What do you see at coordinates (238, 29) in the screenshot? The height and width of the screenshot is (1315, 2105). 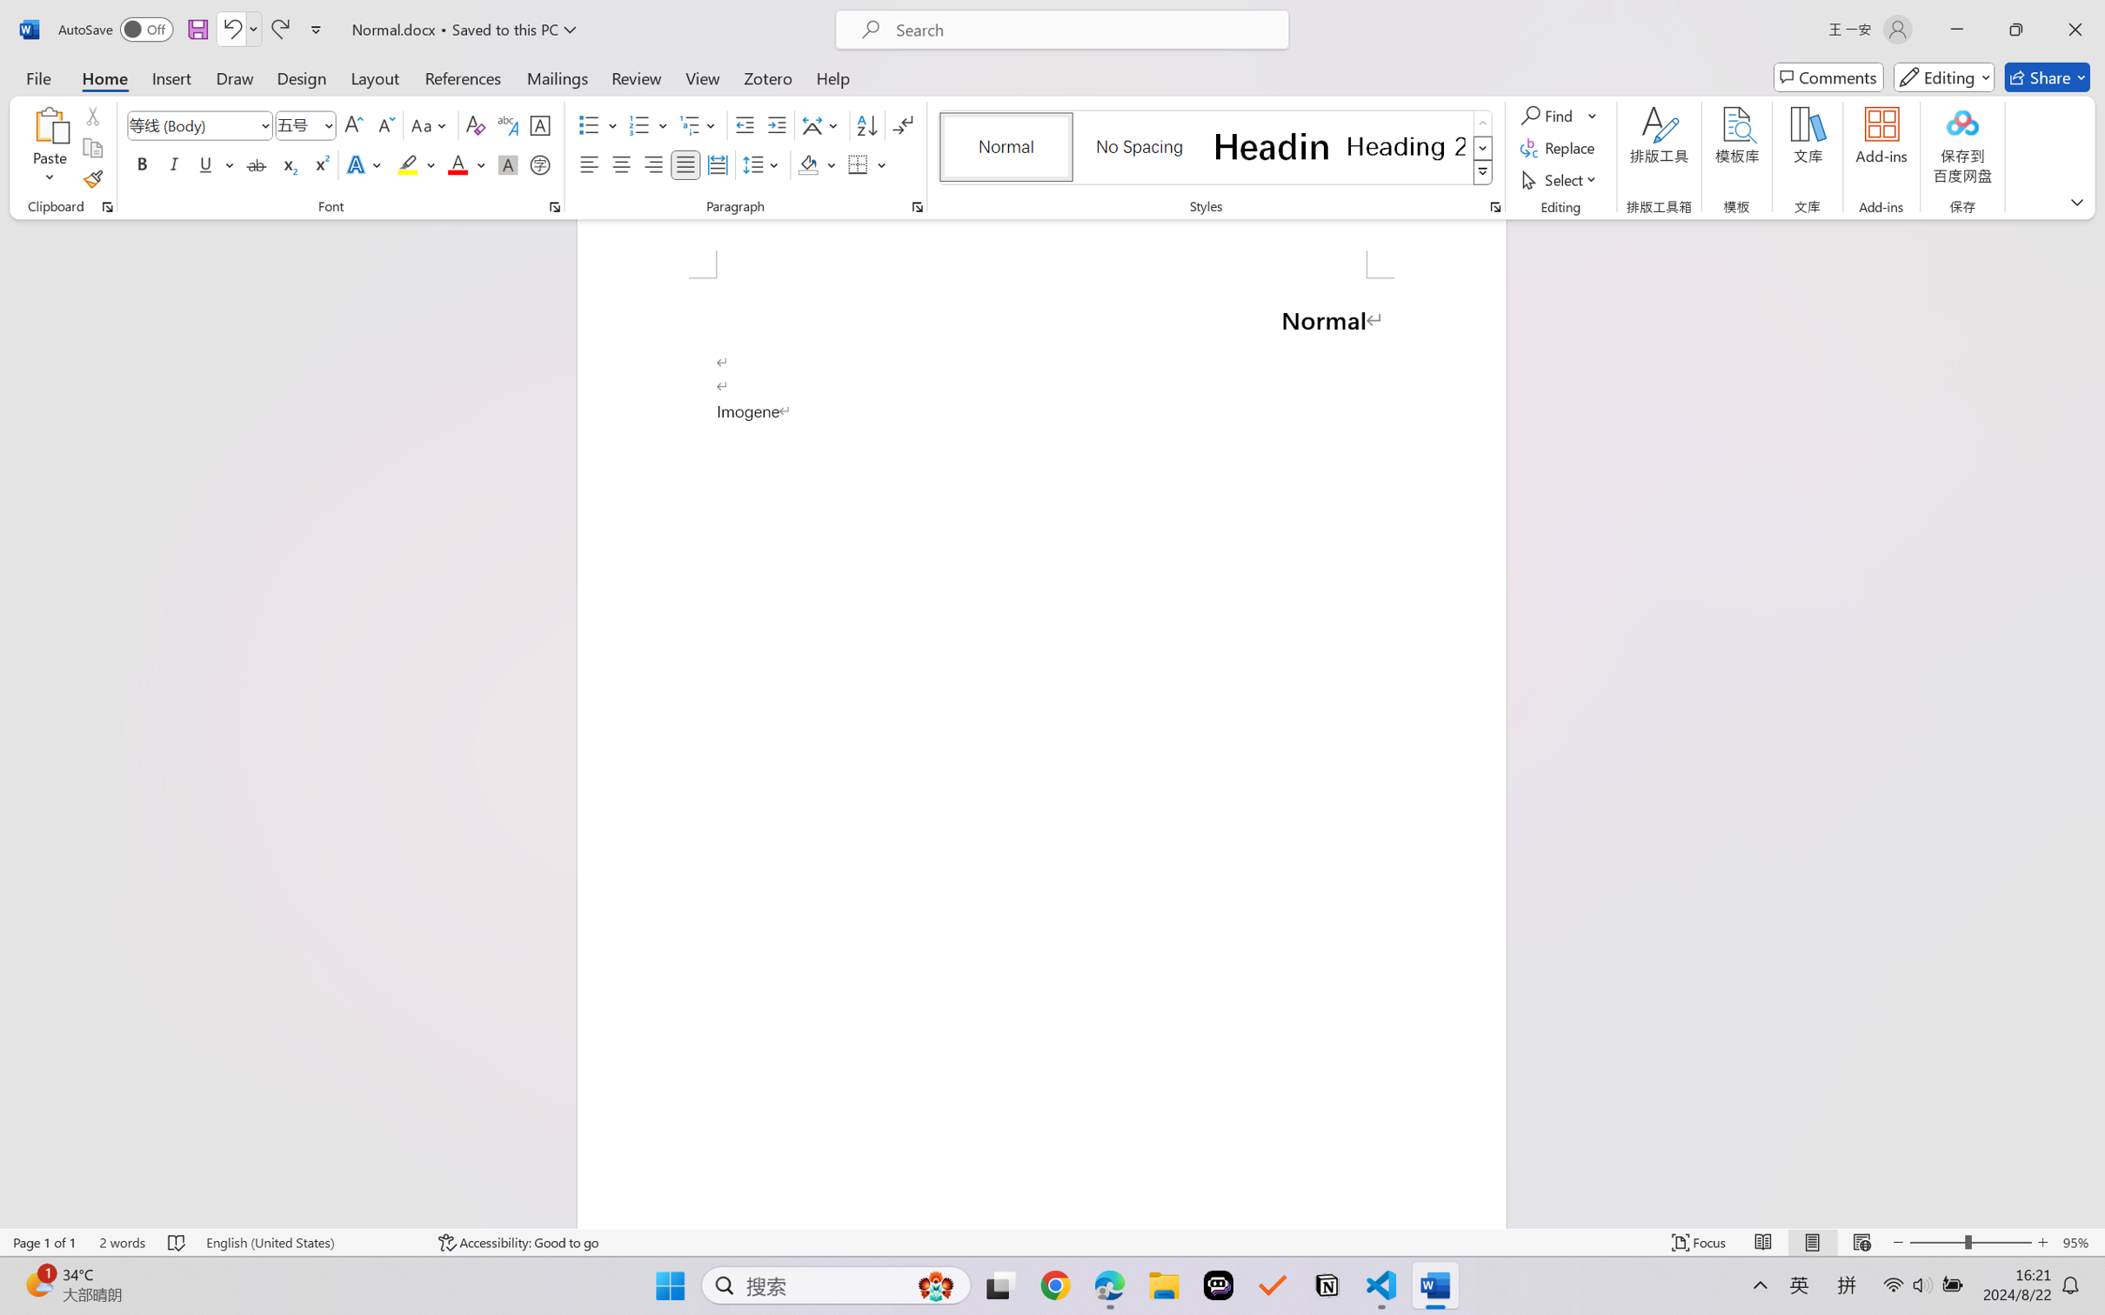 I see `'Undo Typing'` at bounding box center [238, 29].